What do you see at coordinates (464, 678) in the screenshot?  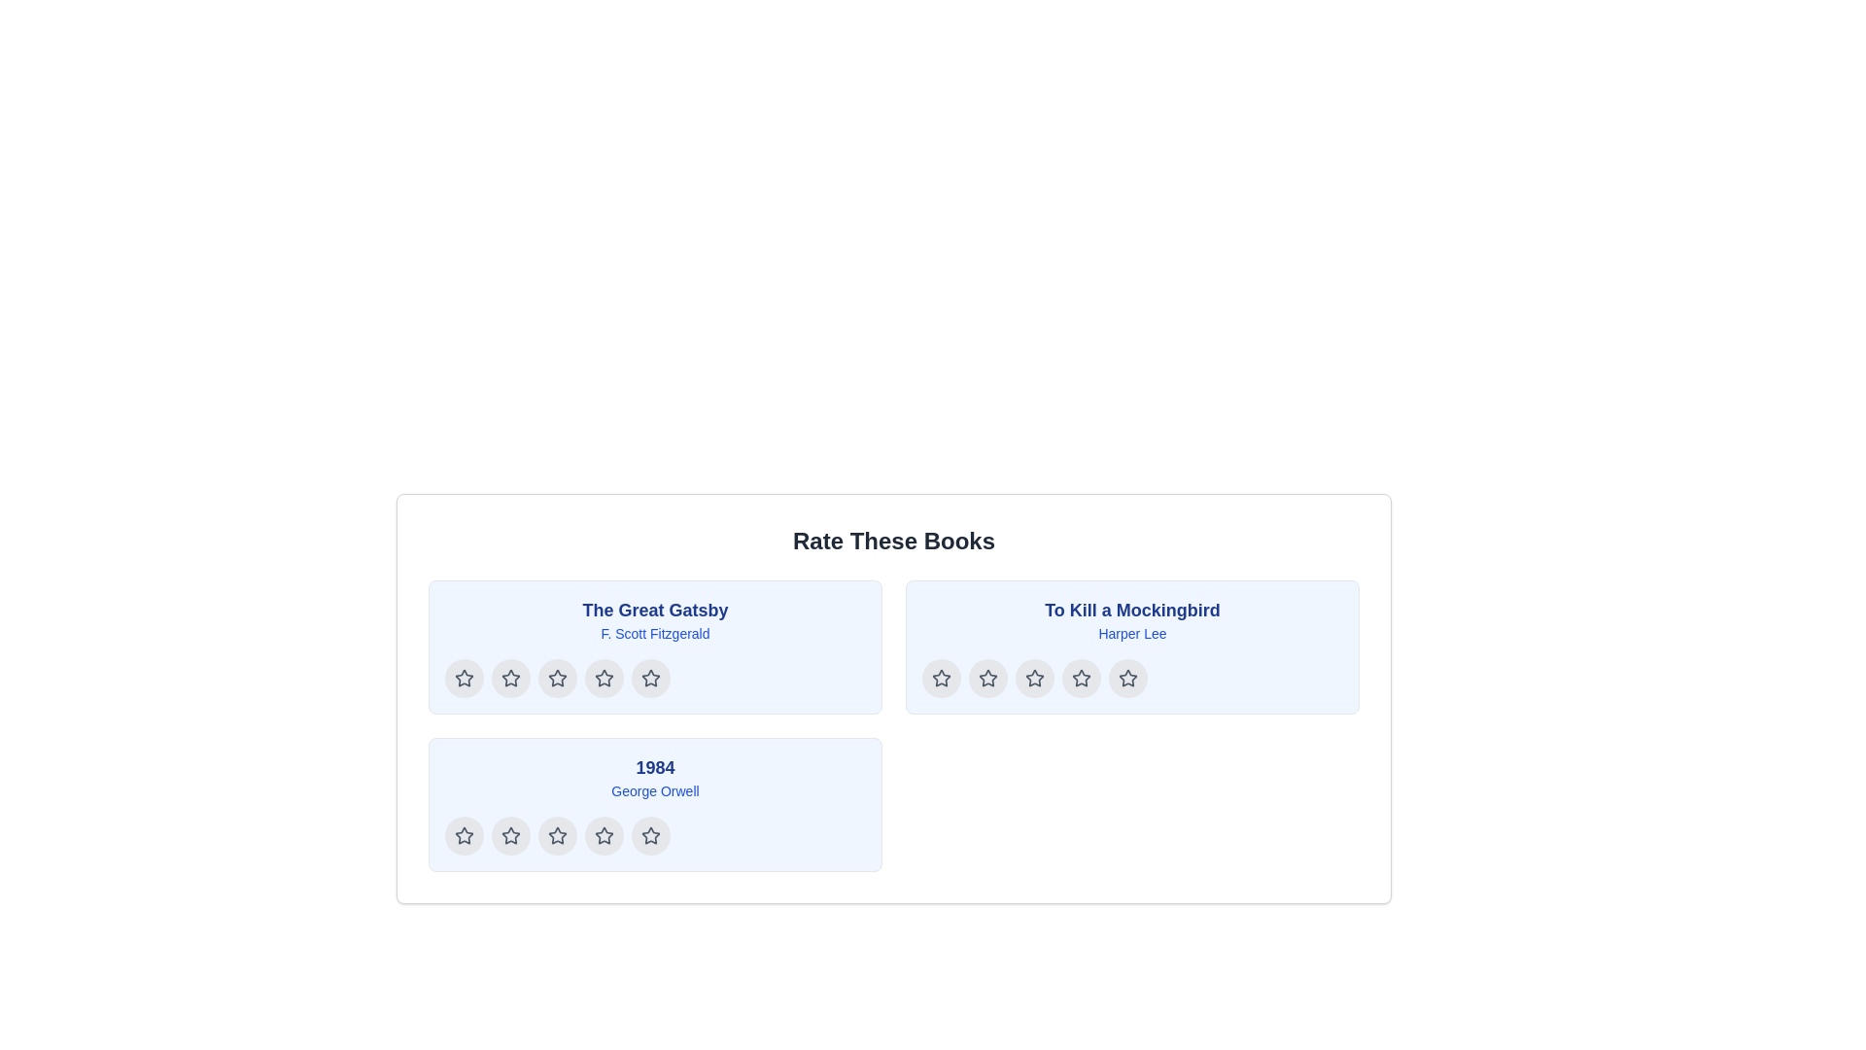 I see `the first star button to rate the book 'The Great Gatsby.'` at bounding box center [464, 678].